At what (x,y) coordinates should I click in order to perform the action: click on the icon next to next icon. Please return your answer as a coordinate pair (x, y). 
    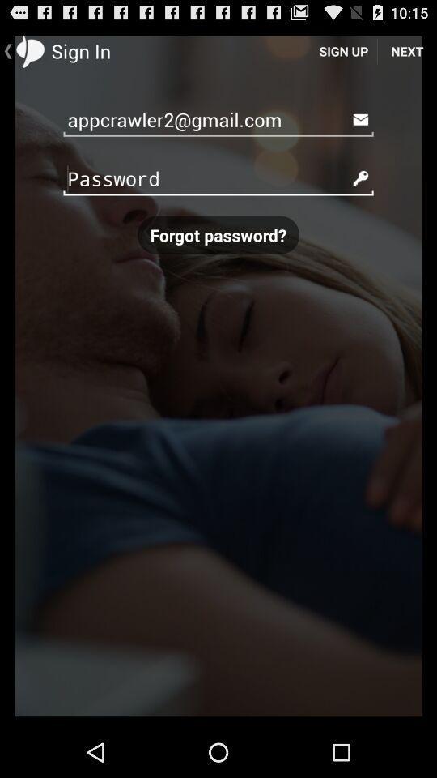
    Looking at the image, I should click on (342, 50).